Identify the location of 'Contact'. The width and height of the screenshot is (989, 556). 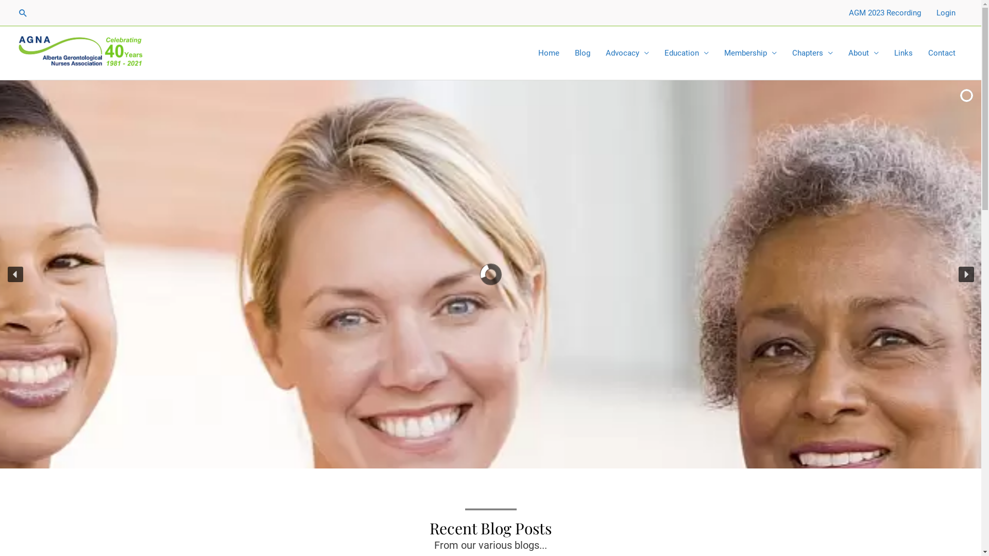
(942, 53).